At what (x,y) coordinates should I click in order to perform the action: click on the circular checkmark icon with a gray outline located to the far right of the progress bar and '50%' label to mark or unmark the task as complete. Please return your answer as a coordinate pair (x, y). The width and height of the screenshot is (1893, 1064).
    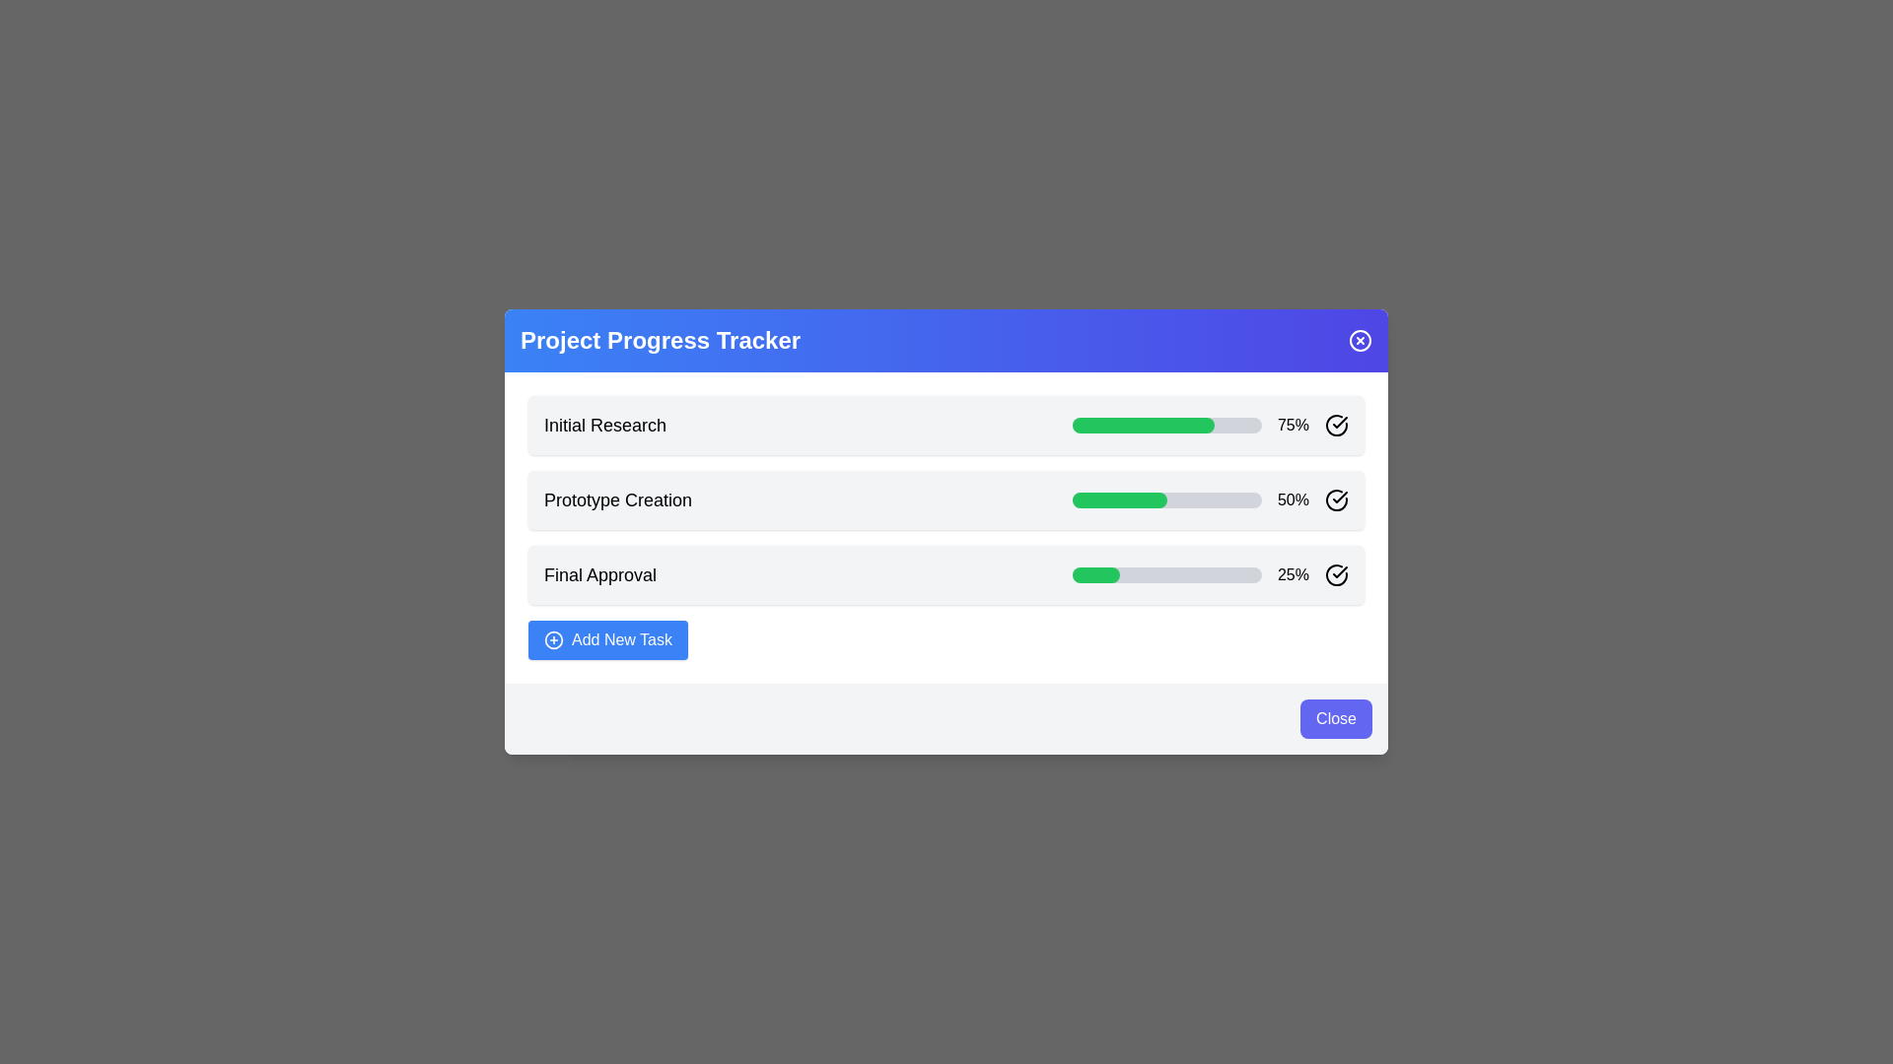
    Looking at the image, I should click on (1337, 499).